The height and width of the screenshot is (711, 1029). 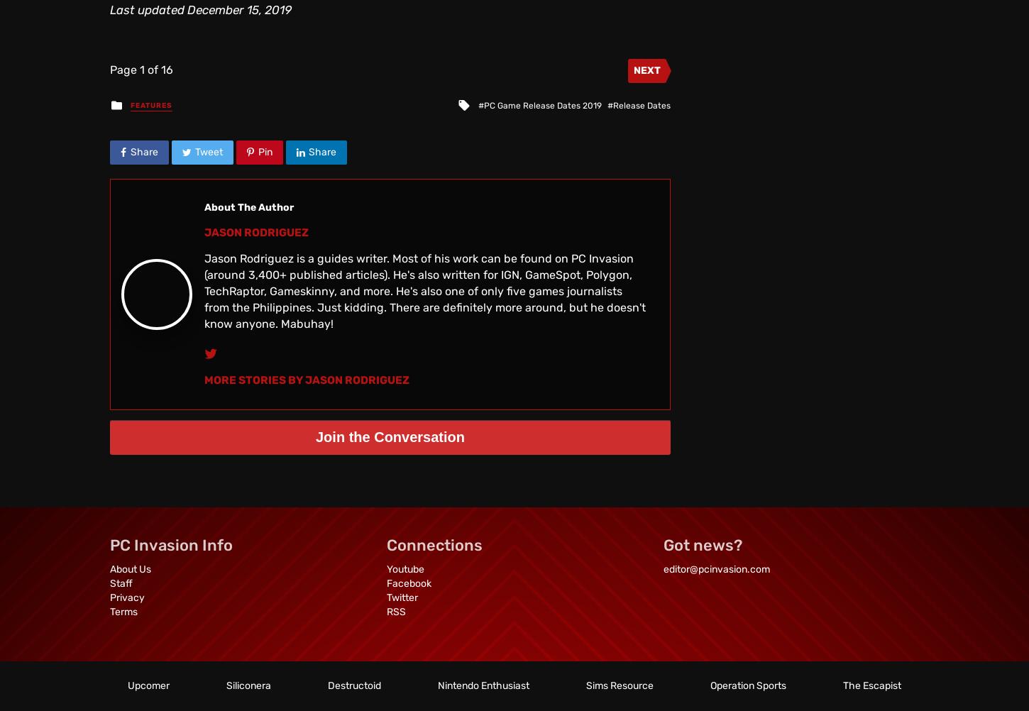 What do you see at coordinates (354, 685) in the screenshot?
I see `'Destructoid'` at bounding box center [354, 685].